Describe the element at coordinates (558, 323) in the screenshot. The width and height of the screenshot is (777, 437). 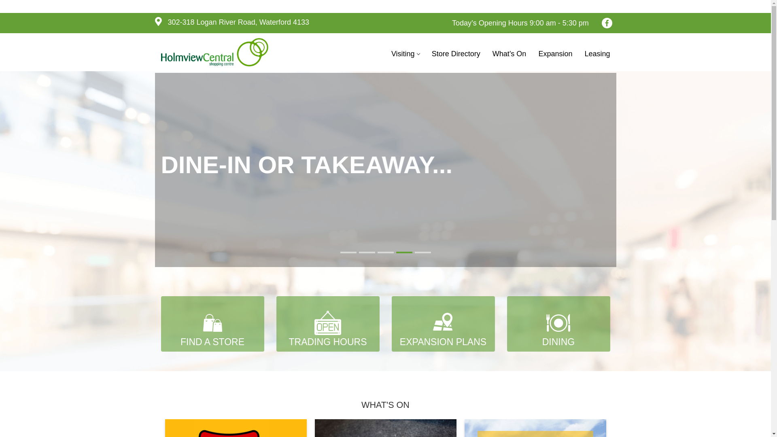
I see `'DINING'` at that location.